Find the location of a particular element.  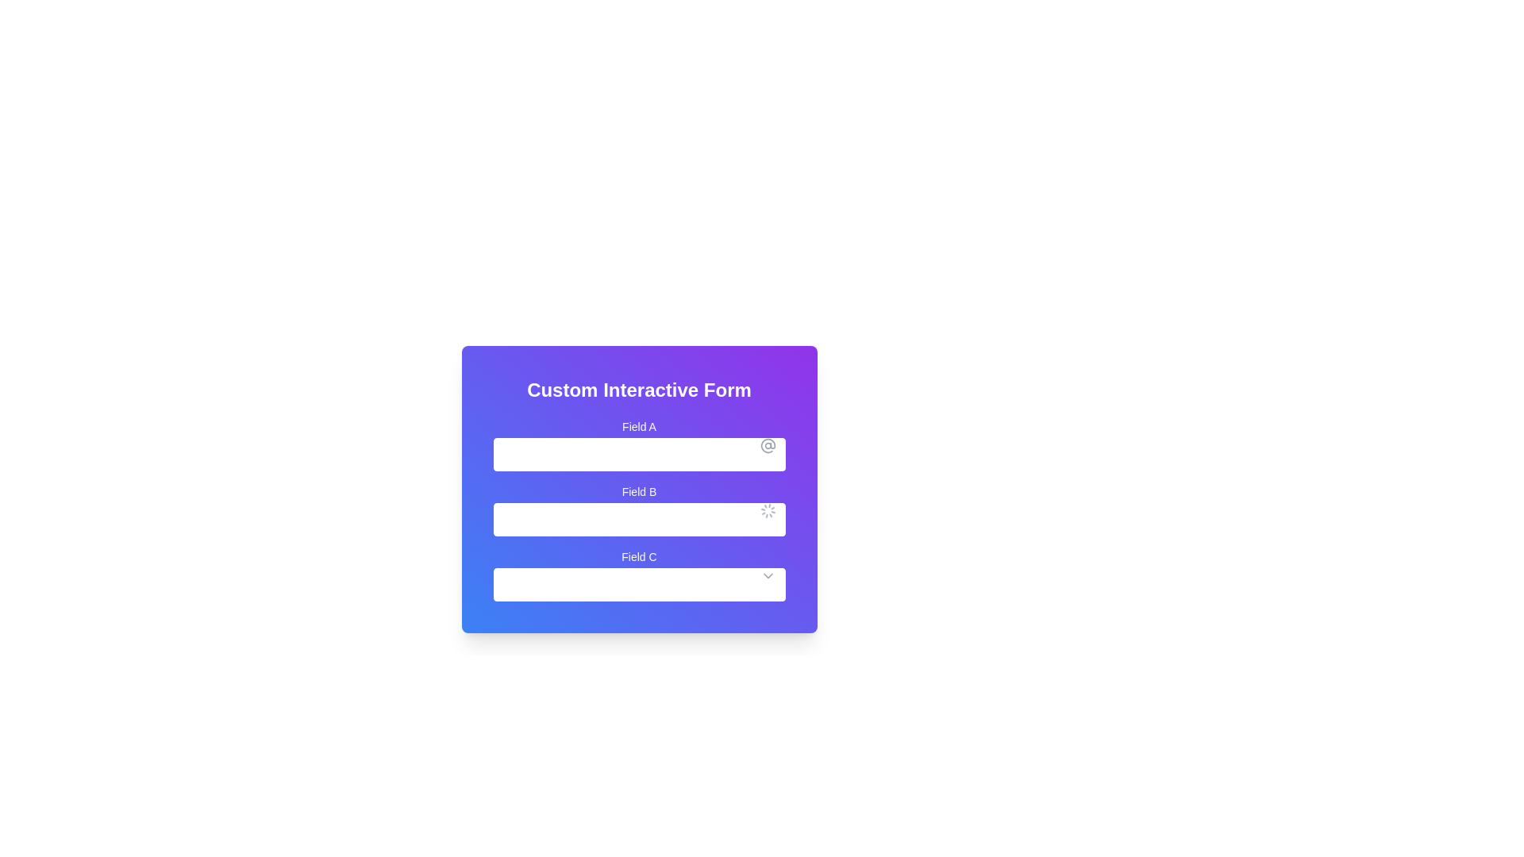

the interactive input field labeled 'Field B' with a spinning loader icon to interact with it is located at coordinates (639, 510).